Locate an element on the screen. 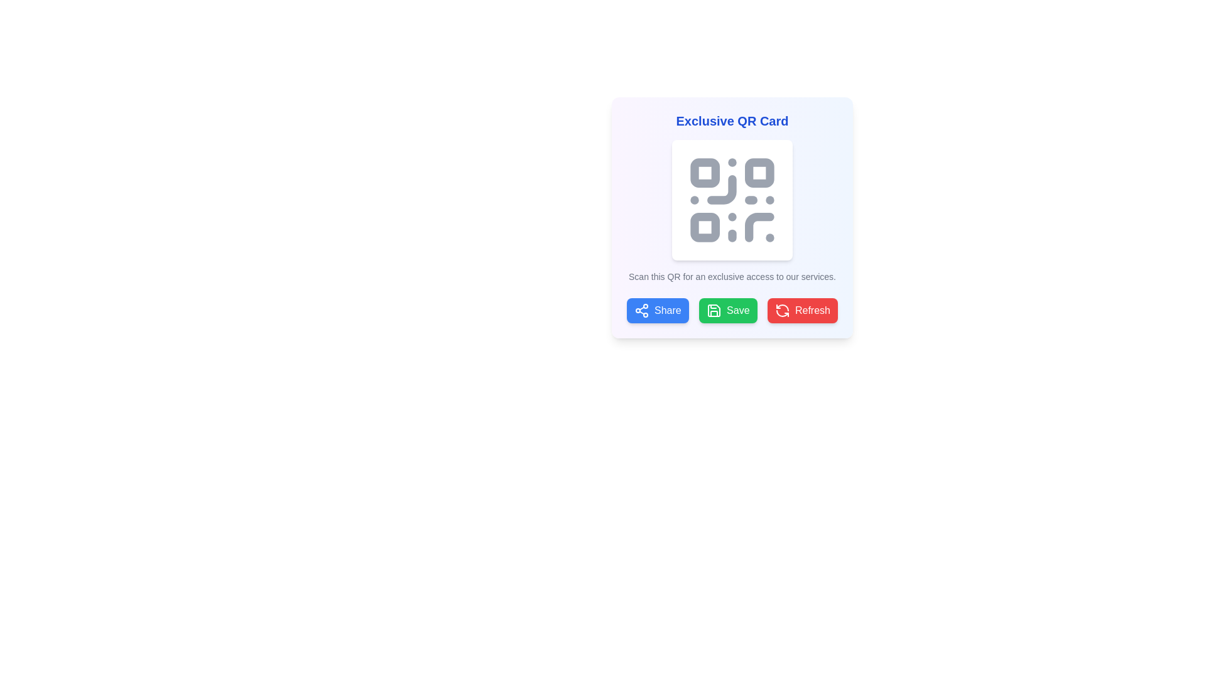  the refresh button located to the right of the green 'Save' button below the QR code is located at coordinates (801, 310).